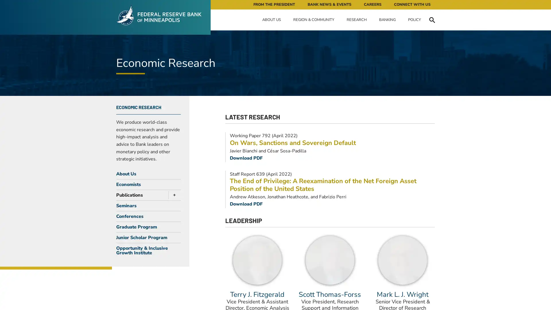  Describe the element at coordinates (173, 194) in the screenshot. I see `+ Expand Publications` at that location.